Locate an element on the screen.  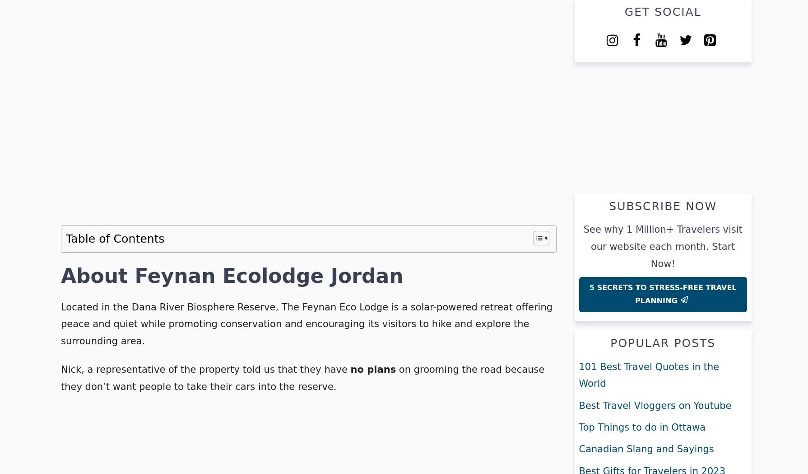
'Feynan Ecolodge Jordan' is located at coordinates (268, 276).